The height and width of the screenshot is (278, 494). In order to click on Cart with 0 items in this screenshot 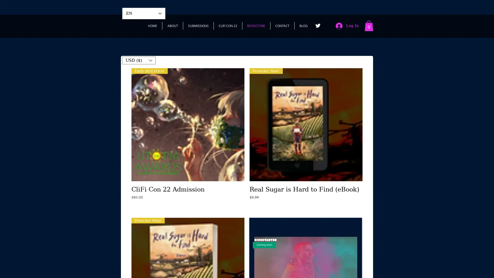, I will do `click(369, 26)`.